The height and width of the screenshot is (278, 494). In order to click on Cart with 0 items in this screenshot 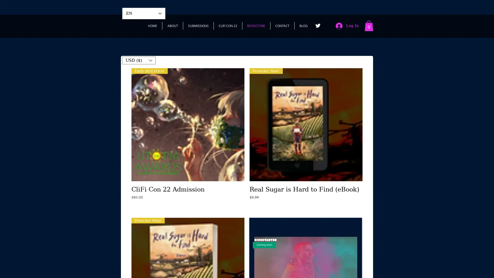, I will do `click(369, 26)`.